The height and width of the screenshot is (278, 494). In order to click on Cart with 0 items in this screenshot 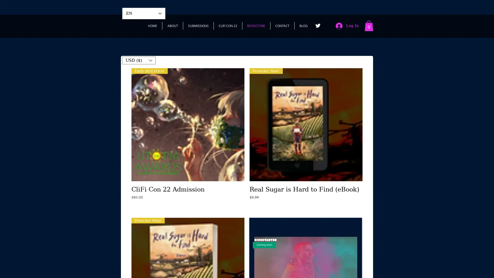, I will do `click(369, 26)`.